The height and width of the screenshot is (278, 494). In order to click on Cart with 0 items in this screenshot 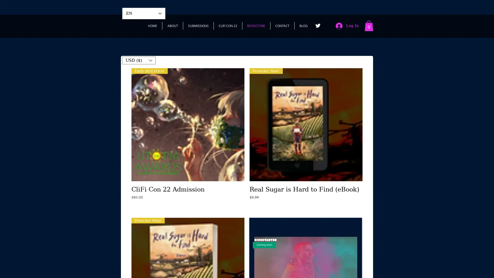, I will do `click(369, 26)`.